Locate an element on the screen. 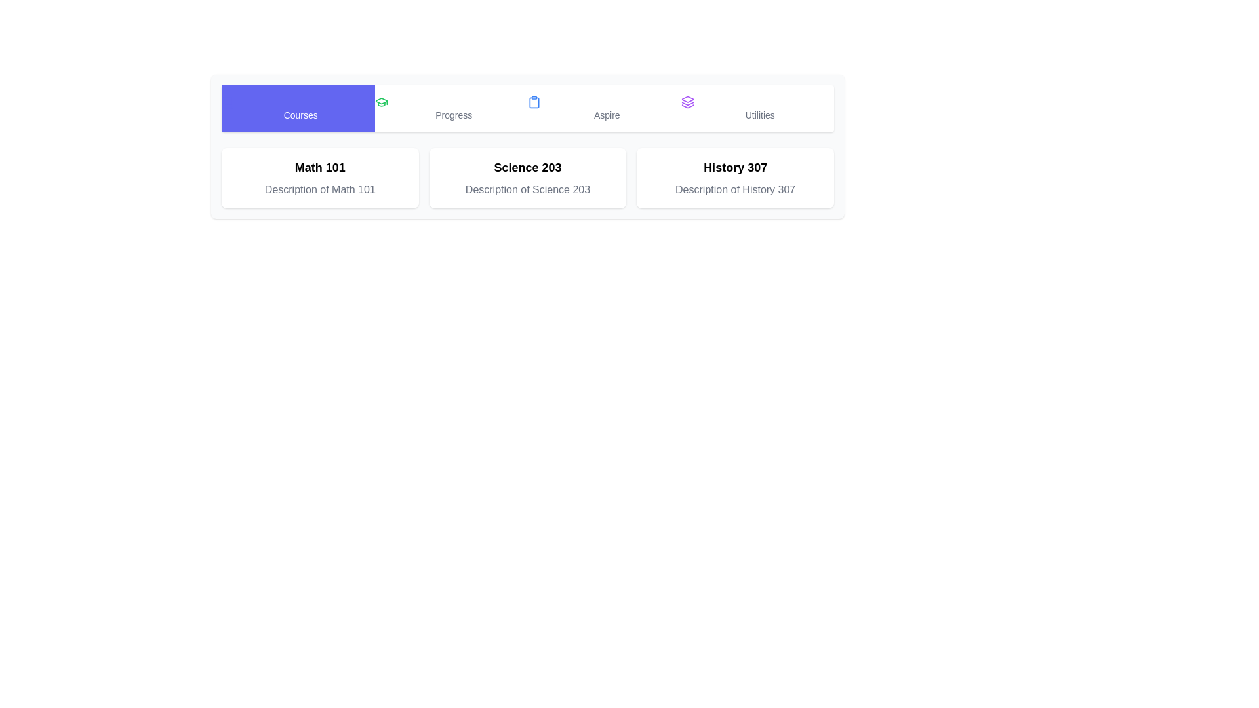  the purple SVG icon in the Utilities navigation menu is located at coordinates (687, 101).